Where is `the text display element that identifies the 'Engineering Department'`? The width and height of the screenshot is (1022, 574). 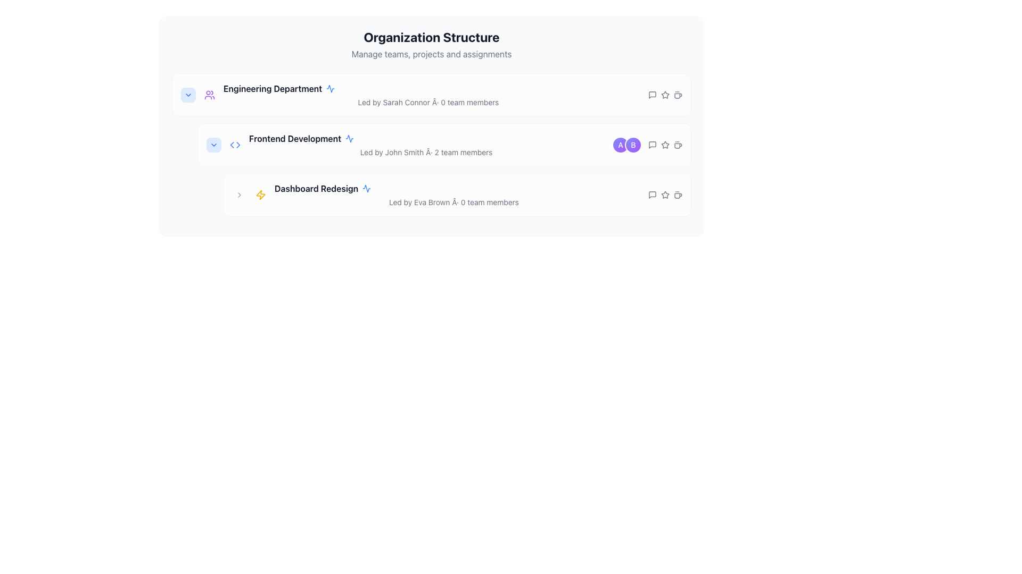
the text display element that identifies the 'Engineering Department' is located at coordinates (428, 94).